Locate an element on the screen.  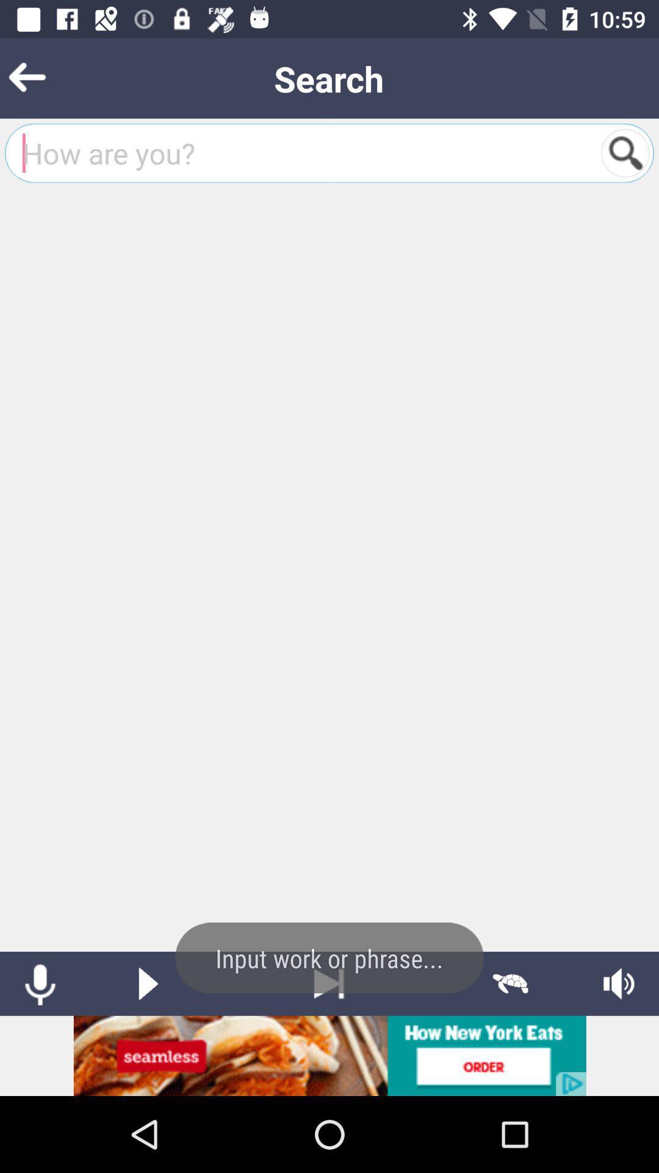
share the article is located at coordinates (329, 1055).